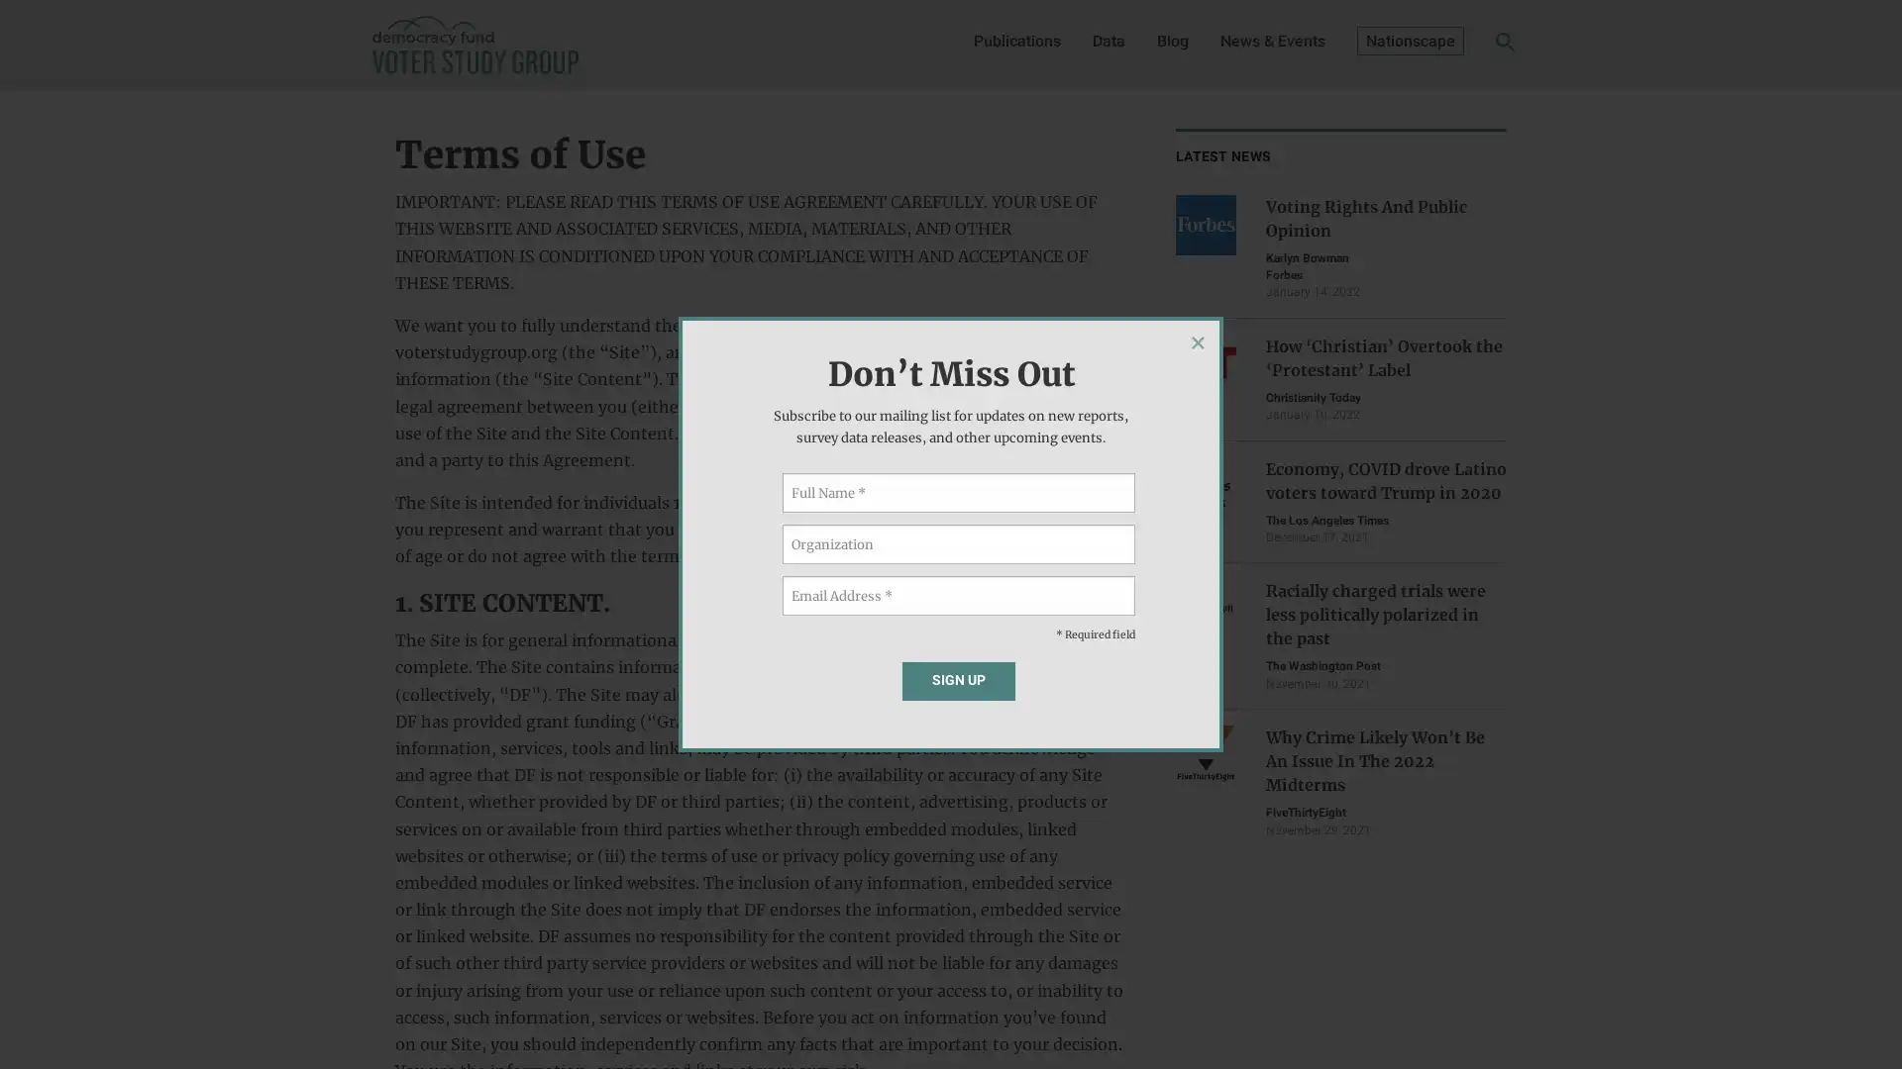 This screenshot has height=1069, width=1902. I want to click on SEARCH, so click(1474, 46).